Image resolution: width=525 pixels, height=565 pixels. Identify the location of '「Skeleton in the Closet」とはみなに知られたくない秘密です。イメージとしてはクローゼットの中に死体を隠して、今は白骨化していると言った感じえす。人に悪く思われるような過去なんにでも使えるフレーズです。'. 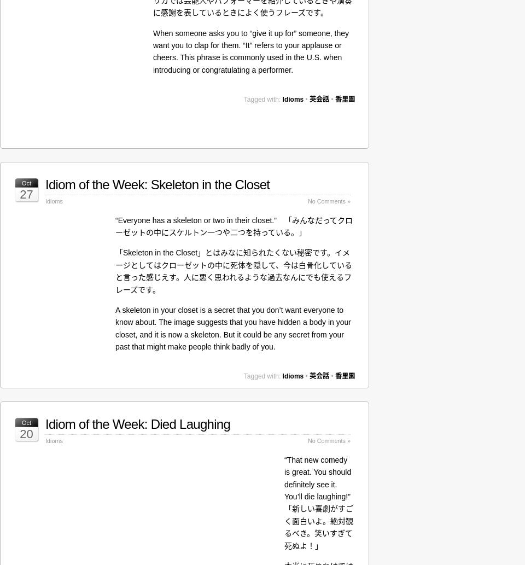
(234, 271).